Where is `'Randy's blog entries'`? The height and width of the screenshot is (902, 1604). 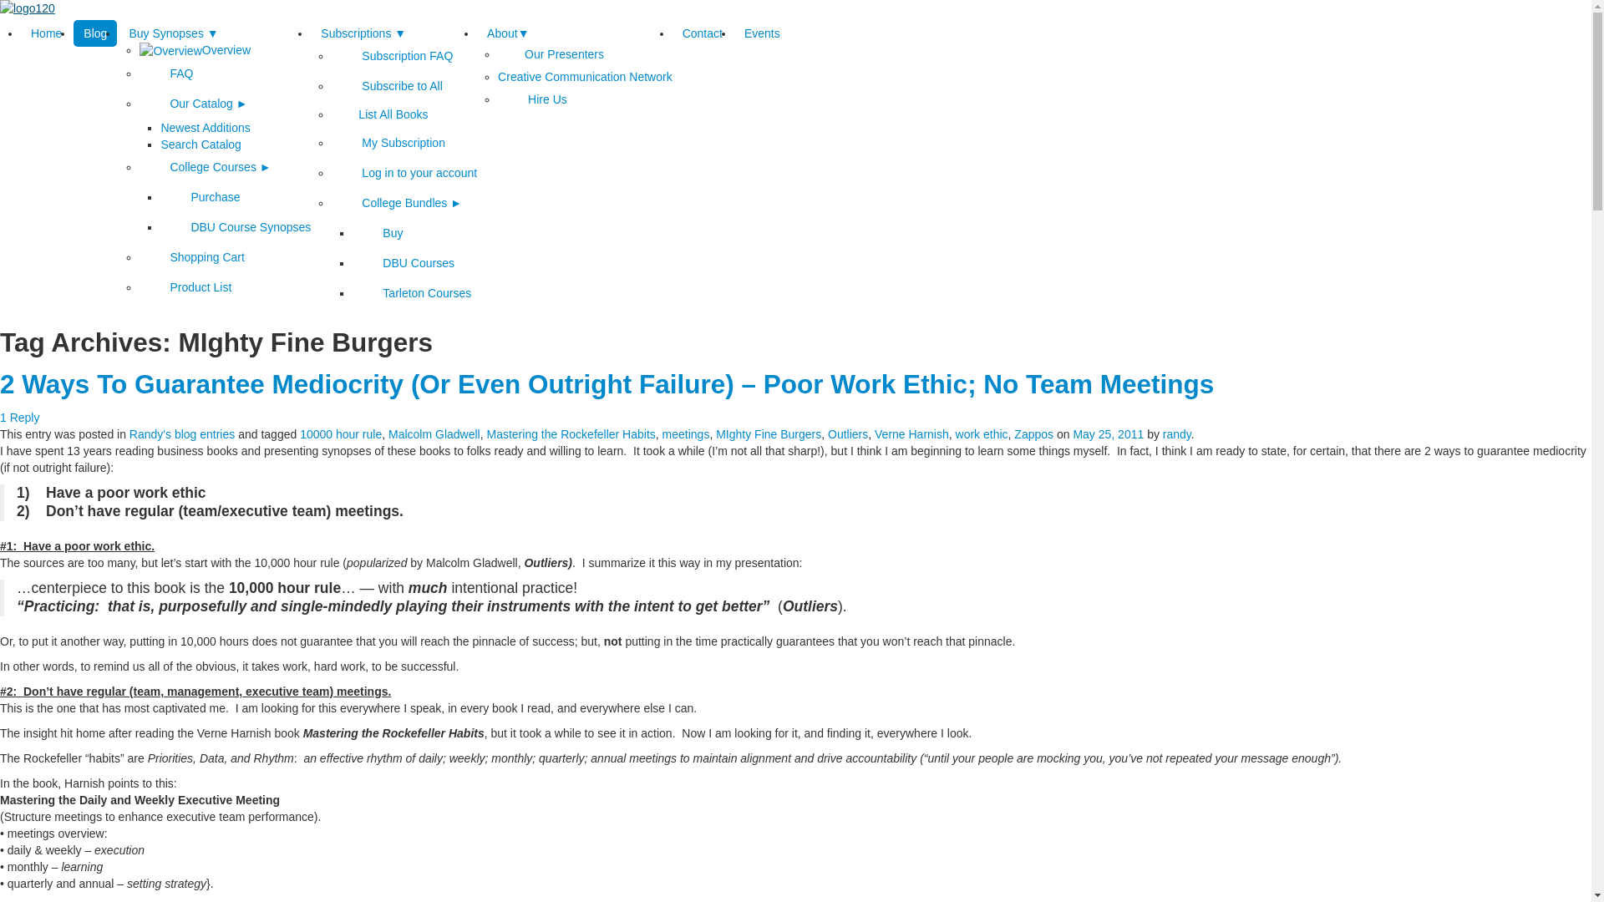 'Randy's blog entries' is located at coordinates (181, 433).